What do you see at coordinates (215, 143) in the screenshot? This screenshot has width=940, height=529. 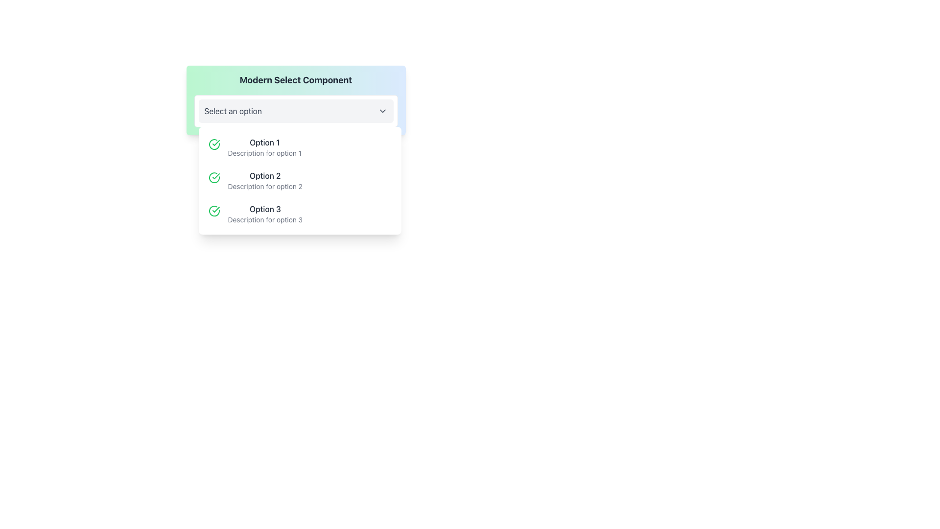 I see `green checkmark icon located next to 'Option 2' in the dropdown list for class or style details` at bounding box center [215, 143].